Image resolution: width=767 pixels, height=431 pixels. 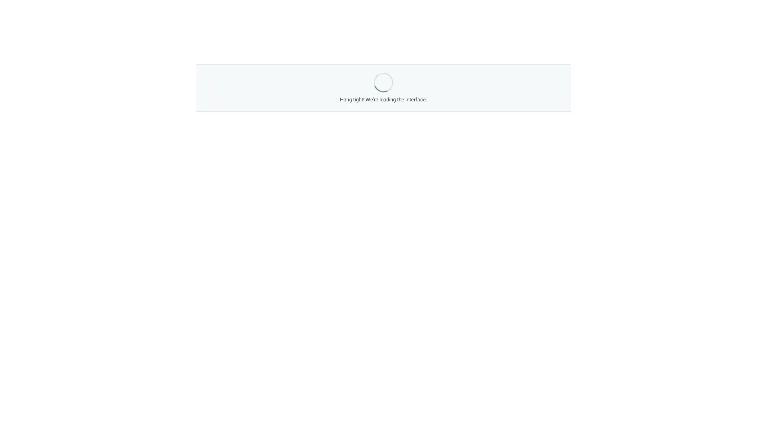 I want to click on Get Login Link, so click(x=269, y=172).